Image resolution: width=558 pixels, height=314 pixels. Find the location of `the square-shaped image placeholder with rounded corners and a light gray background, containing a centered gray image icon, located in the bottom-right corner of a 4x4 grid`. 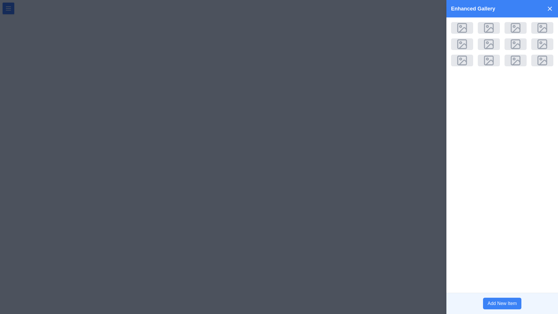

the square-shaped image placeholder with rounded corners and a light gray background, containing a centered gray image icon, located in the bottom-right corner of a 4x4 grid is located at coordinates (542, 60).